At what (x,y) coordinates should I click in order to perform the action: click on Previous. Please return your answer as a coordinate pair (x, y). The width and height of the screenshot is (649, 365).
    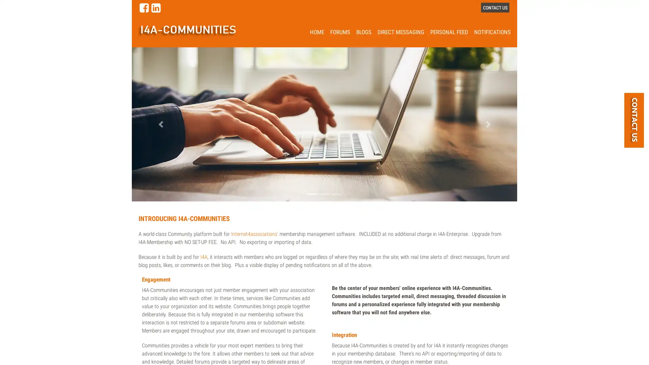
    Looking at the image, I should click on (160, 124).